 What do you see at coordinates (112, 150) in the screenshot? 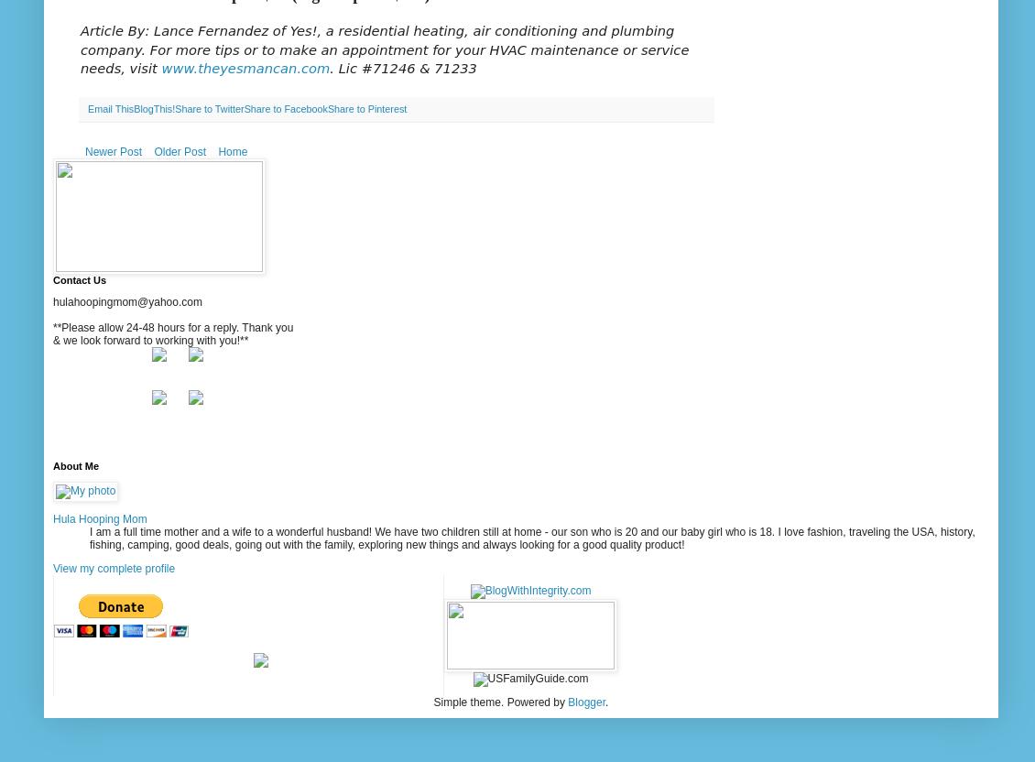
I see `'Newer Post'` at bounding box center [112, 150].